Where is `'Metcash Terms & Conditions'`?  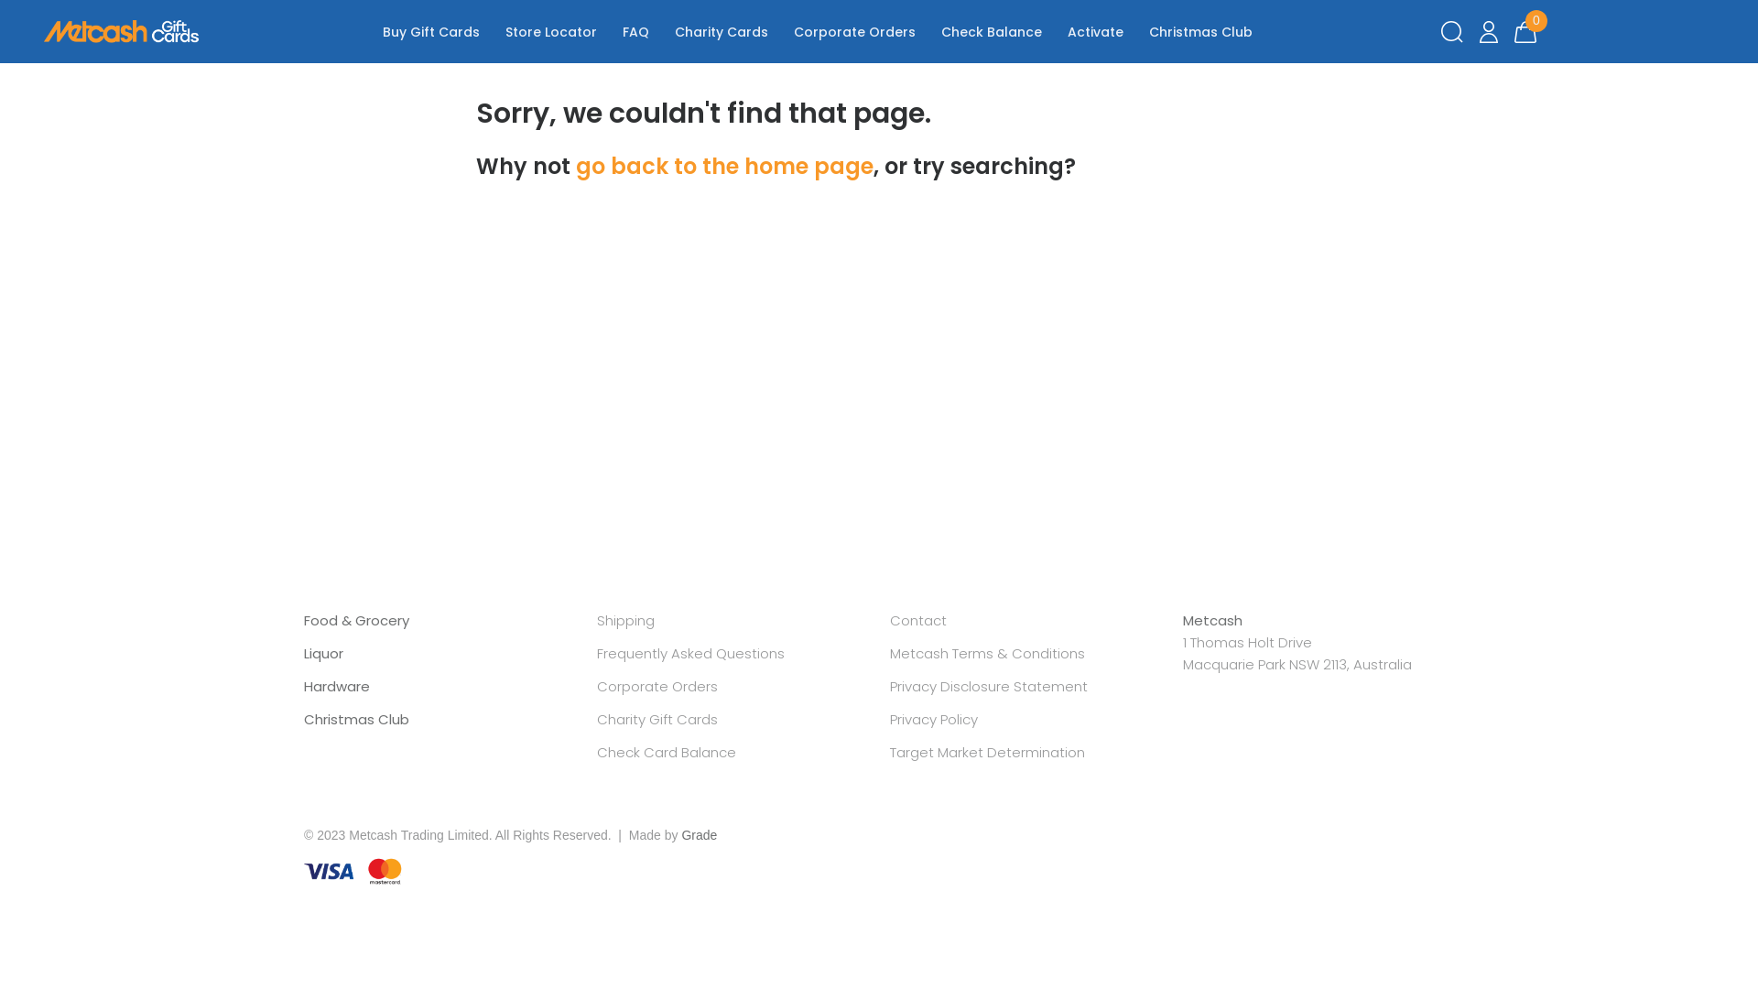
'Metcash Terms & Conditions' is located at coordinates (986, 652).